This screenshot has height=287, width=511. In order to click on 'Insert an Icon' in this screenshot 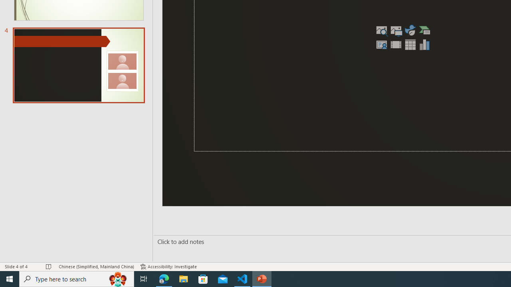, I will do `click(410, 29)`.